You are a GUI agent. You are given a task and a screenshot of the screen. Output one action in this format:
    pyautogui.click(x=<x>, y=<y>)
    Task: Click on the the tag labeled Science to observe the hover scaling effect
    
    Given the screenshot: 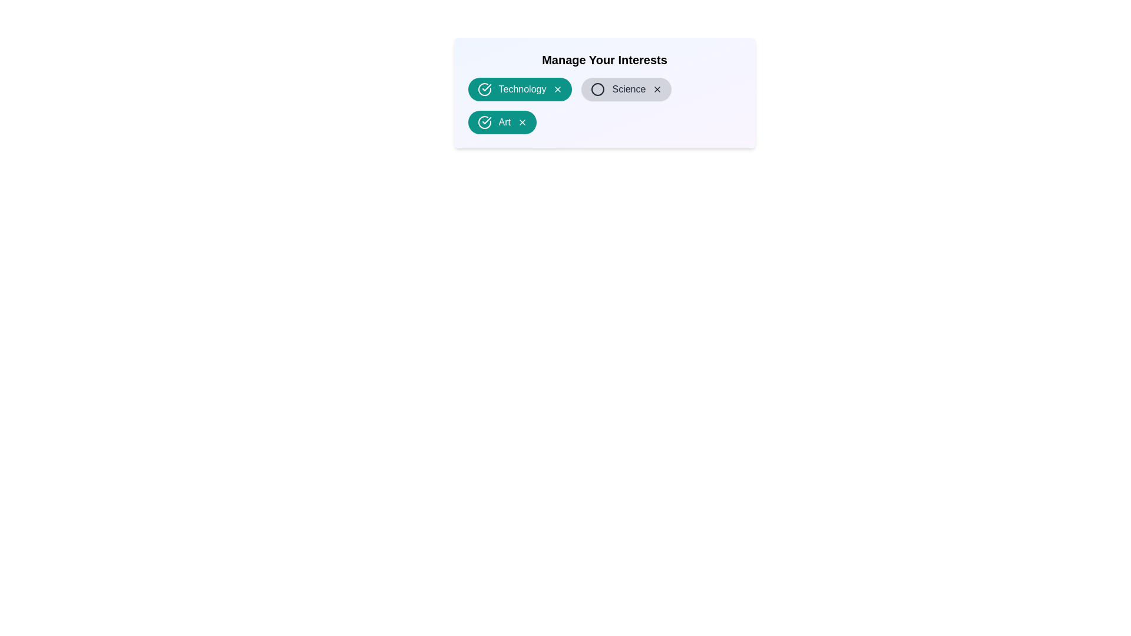 What is the action you would take?
    pyautogui.click(x=626, y=88)
    